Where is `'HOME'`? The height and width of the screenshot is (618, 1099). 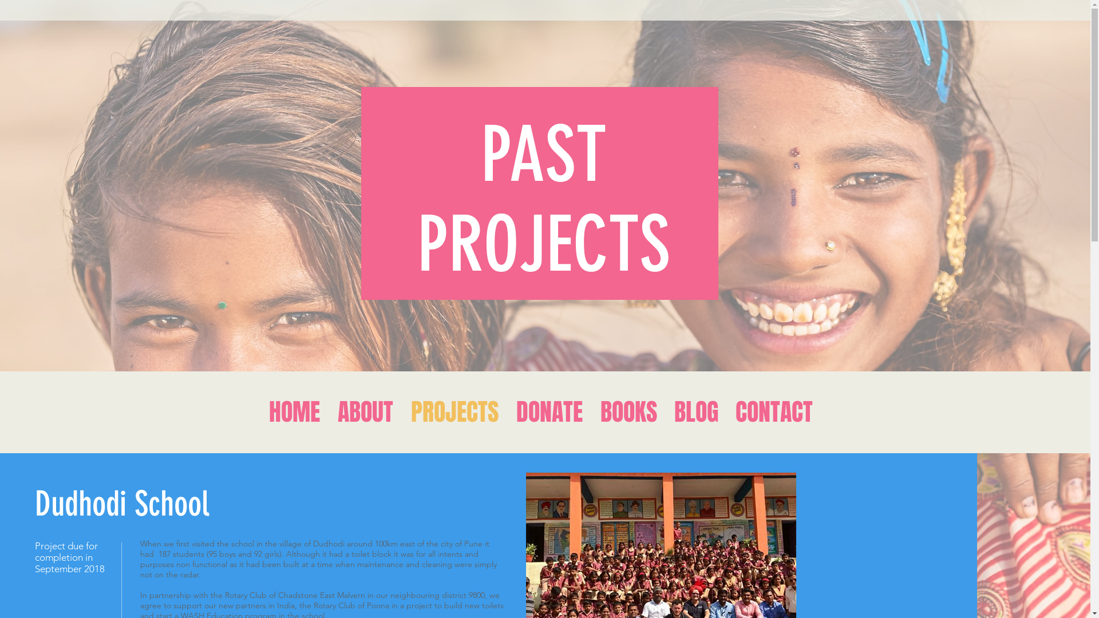 'HOME' is located at coordinates (294, 412).